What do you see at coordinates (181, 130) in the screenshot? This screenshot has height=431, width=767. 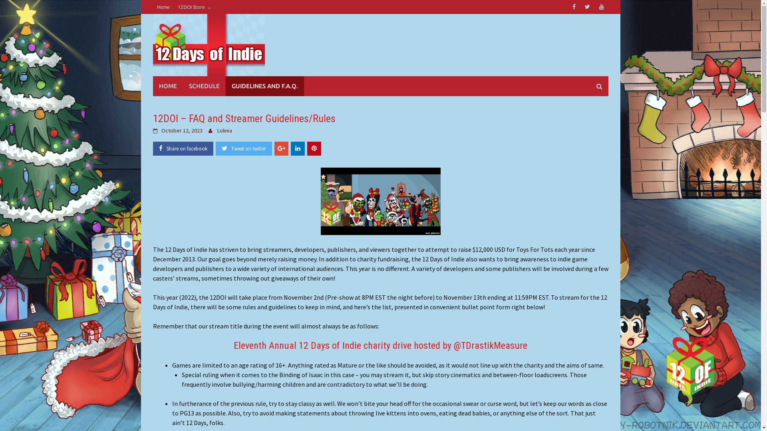 I see `'October 12, 2023'` at bounding box center [181, 130].